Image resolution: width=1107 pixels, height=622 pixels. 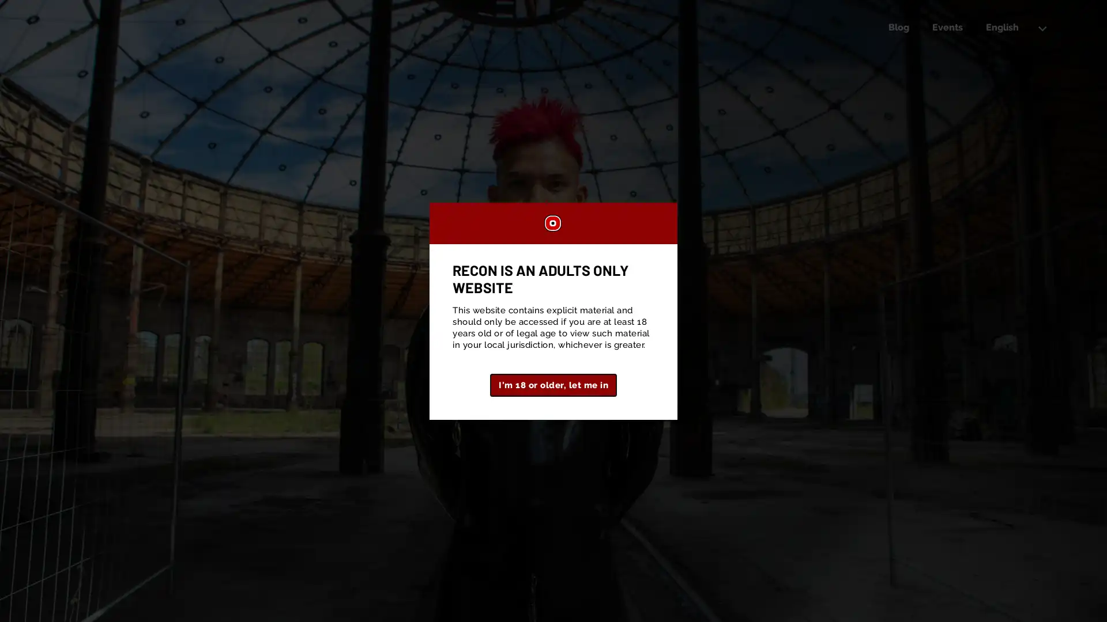 I want to click on I'm 18 or older, let me in, so click(x=553, y=384).